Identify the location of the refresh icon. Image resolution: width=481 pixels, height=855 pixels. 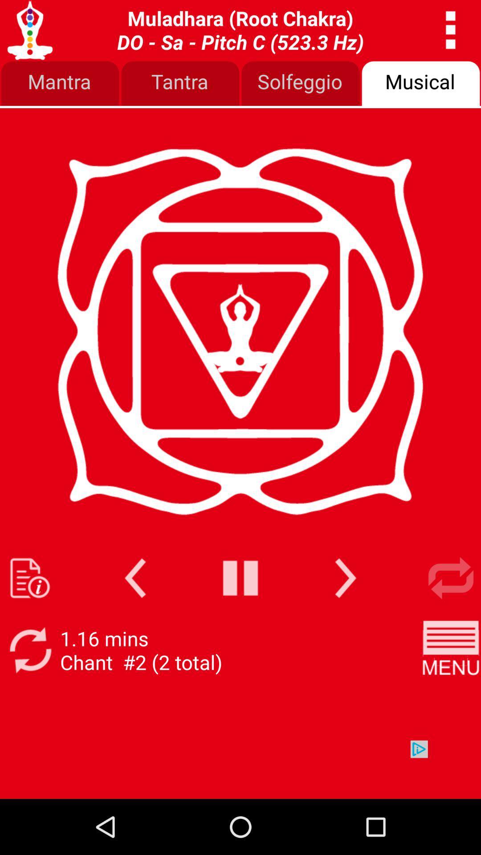
(29, 695).